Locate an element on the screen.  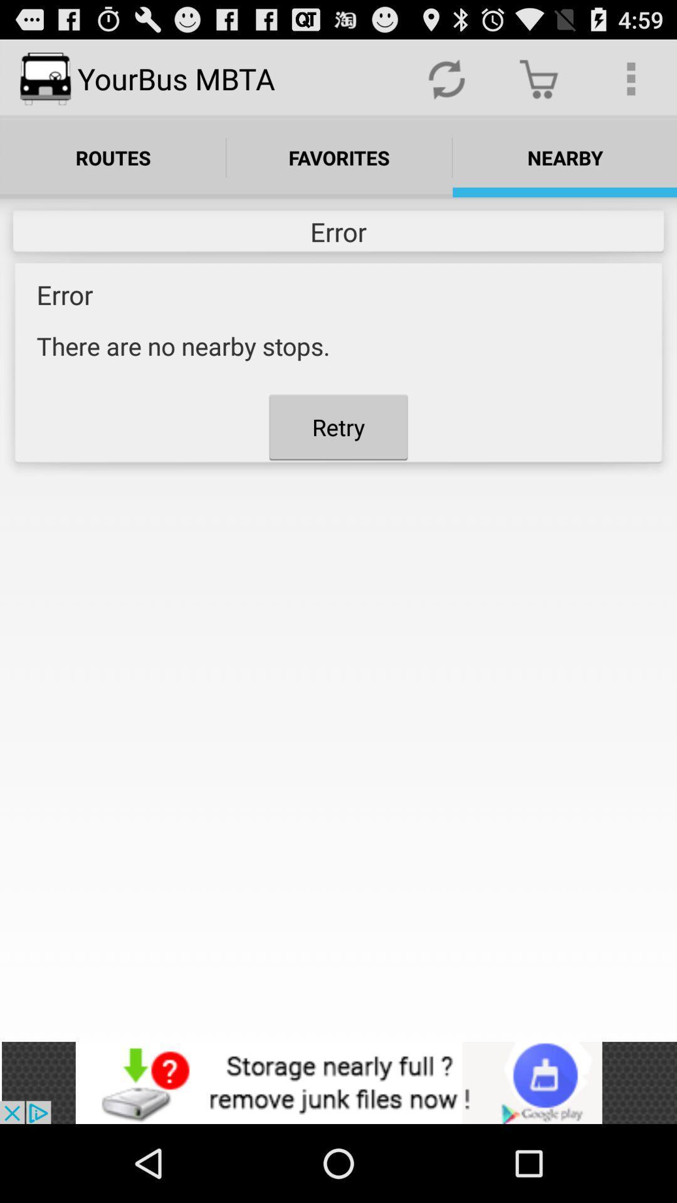
option right to routes is located at coordinates (339, 157).